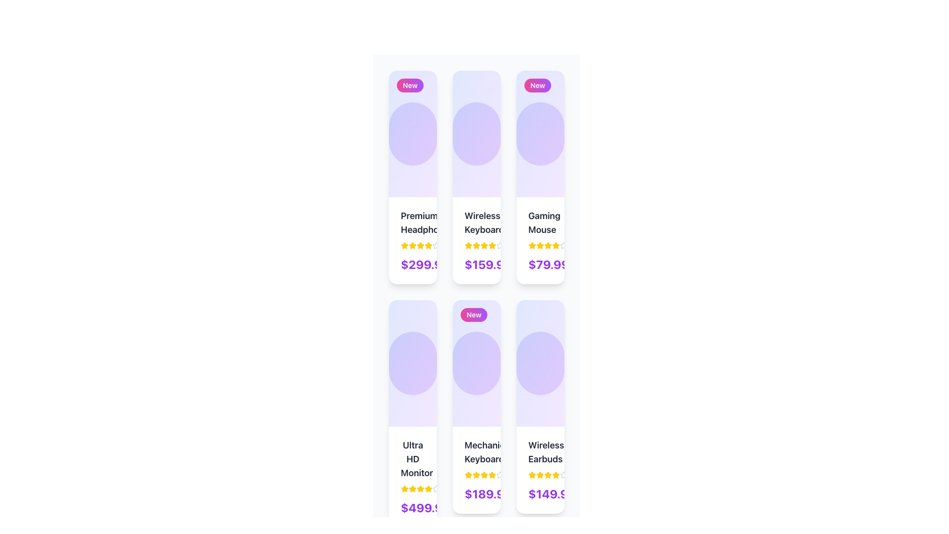 Image resolution: width=949 pixels, height=534 pixels. What do you see at coordinates (476, 452) in the screenshot?
I see `the text label that serves as the title for the product, located centrally in the lower portion of the second card in the bottom row of the grid layout` at bounding box center [476, 452].